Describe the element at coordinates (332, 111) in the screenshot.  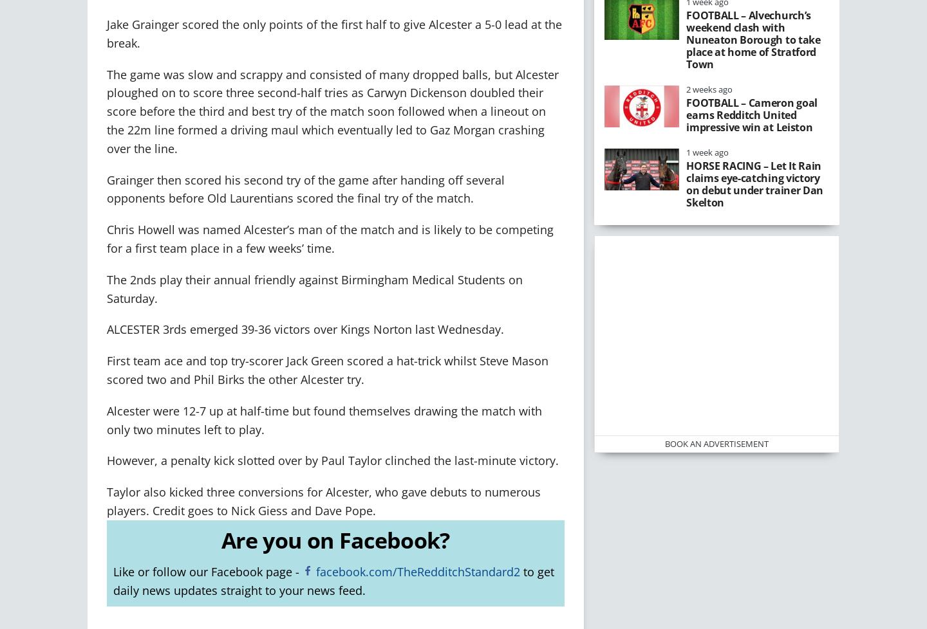
I see `'The game was slow and scrappy and consisted of many dropped balls, but Alcester ploughed on to score three second-half tries as Carwyn Dickenson doubled their score before the third and best try of the match soon followed when a lineout on the 22m line formed a driving maul which eventually led to Gaz Morgan crashing over the line.'` at that location.